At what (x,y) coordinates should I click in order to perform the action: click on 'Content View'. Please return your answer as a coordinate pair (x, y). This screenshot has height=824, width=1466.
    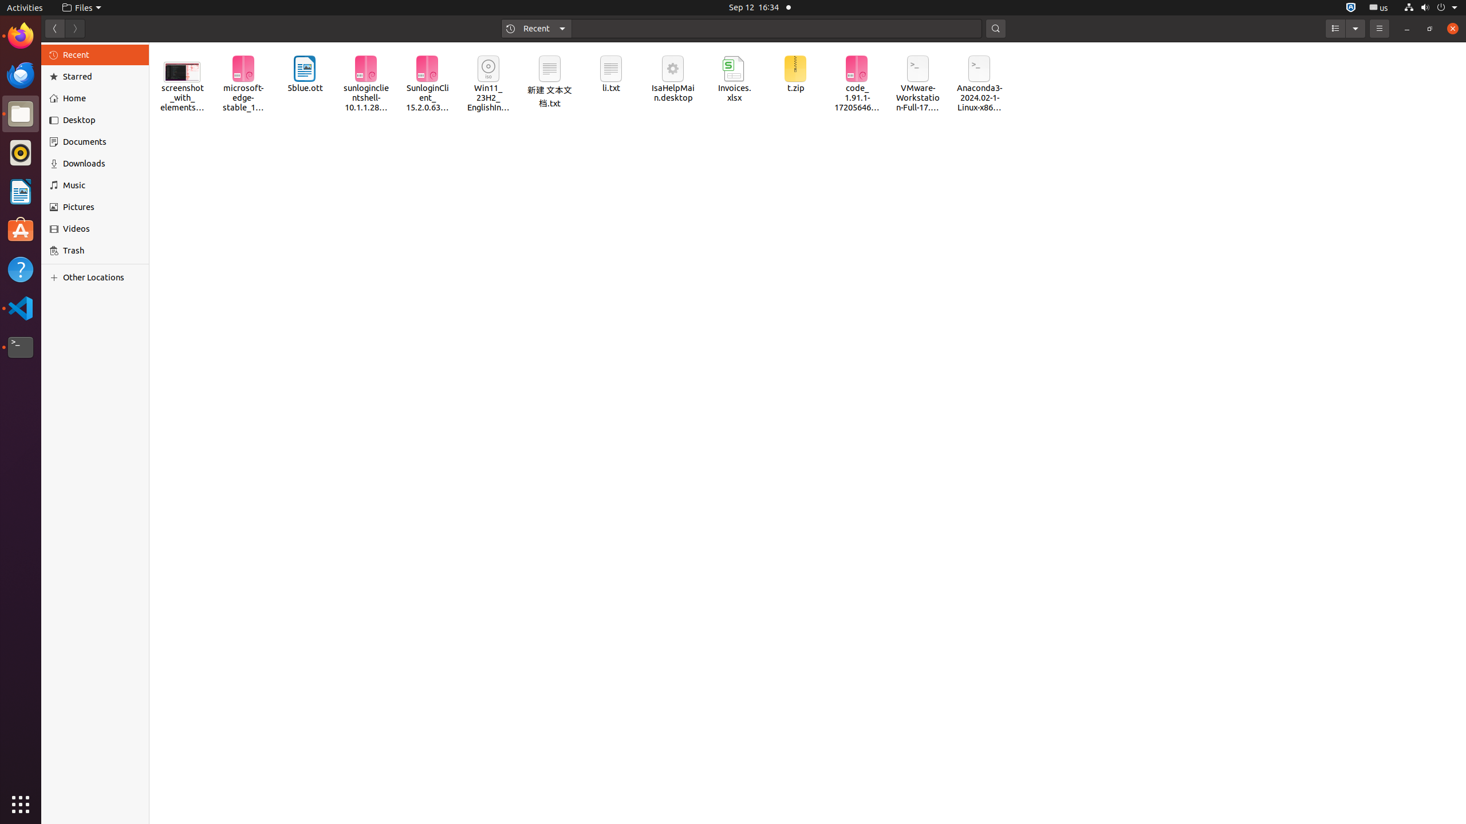
    Looking at the image, I should click on (807, 433).